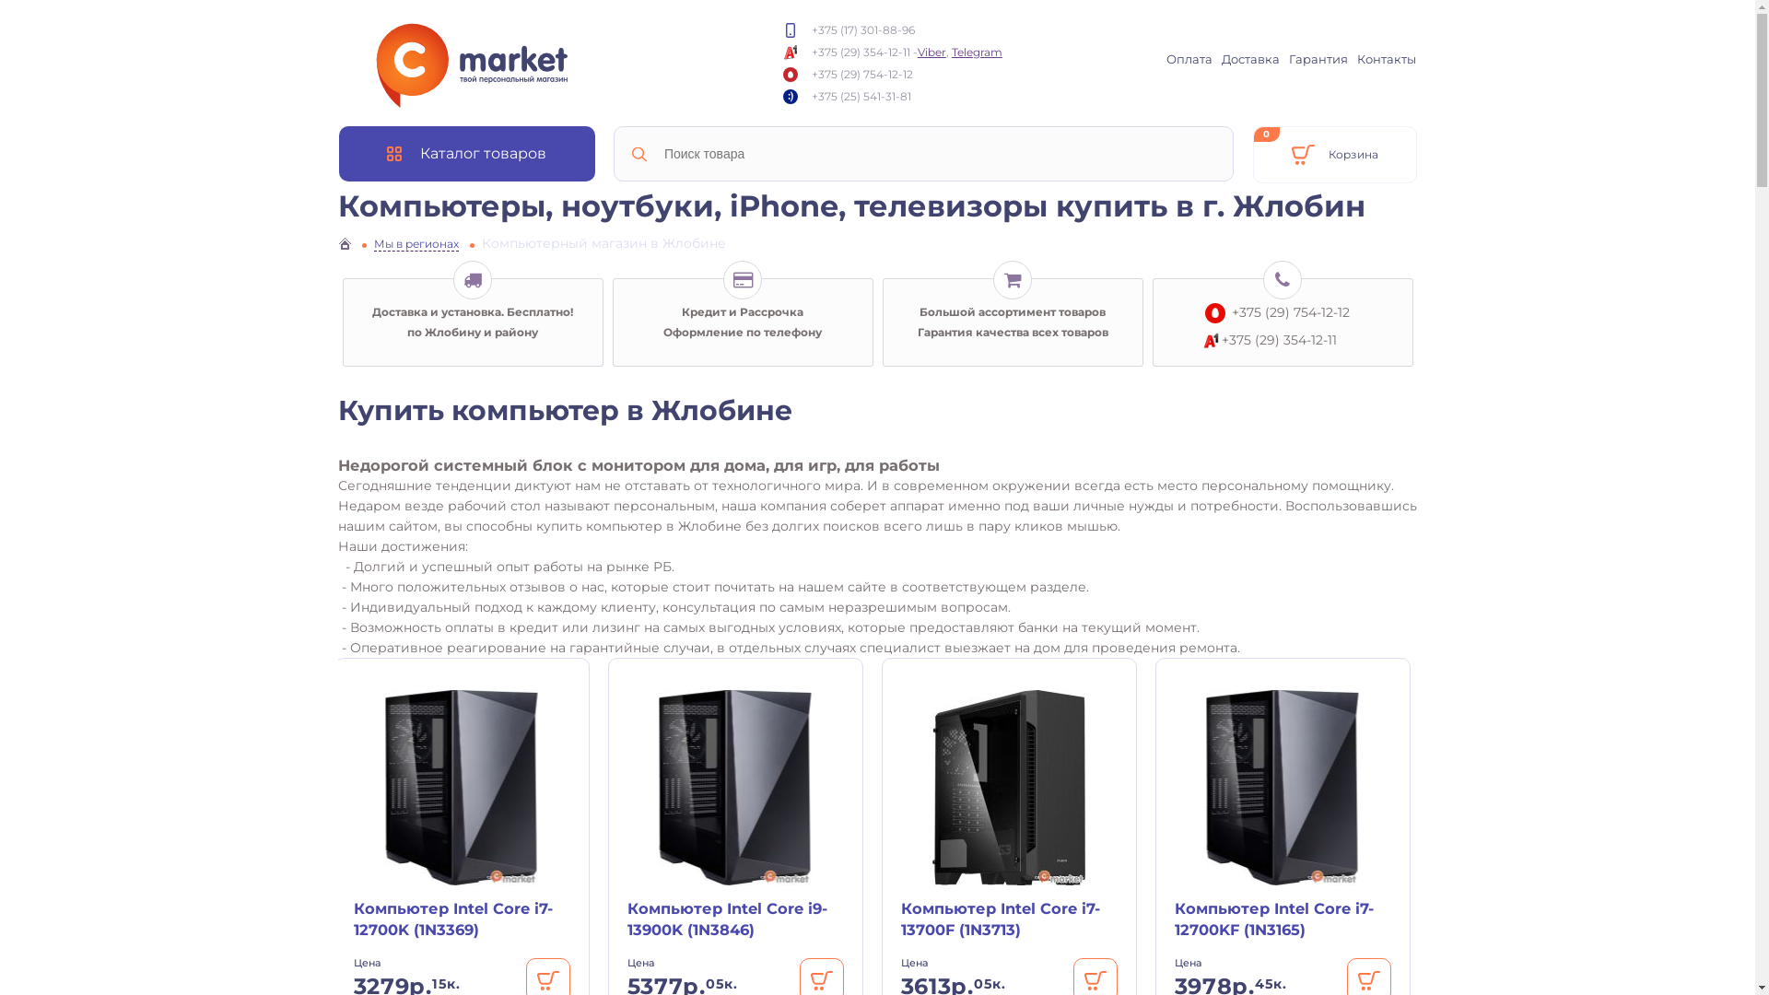  I want to click on 'Viber', so click(931, 50).